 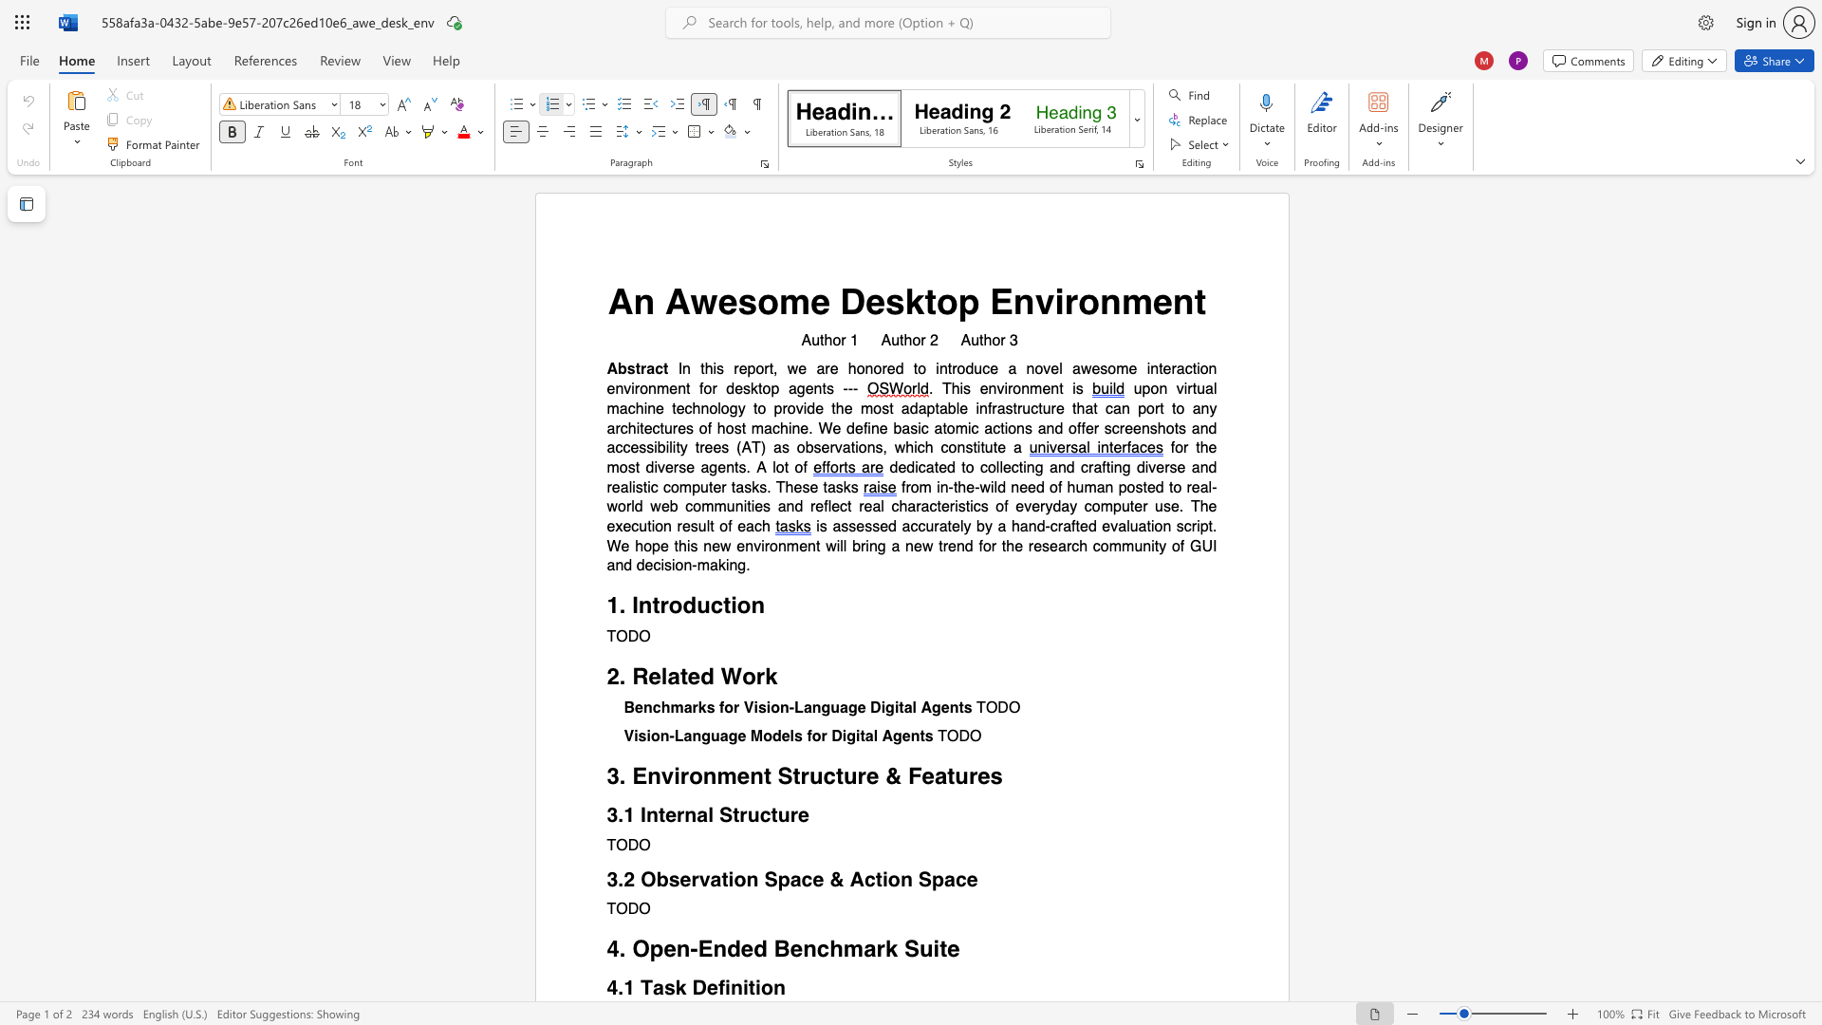 I want to click on the space between the continuous character "i" and "n" in the text, so click(x=731, y=986).